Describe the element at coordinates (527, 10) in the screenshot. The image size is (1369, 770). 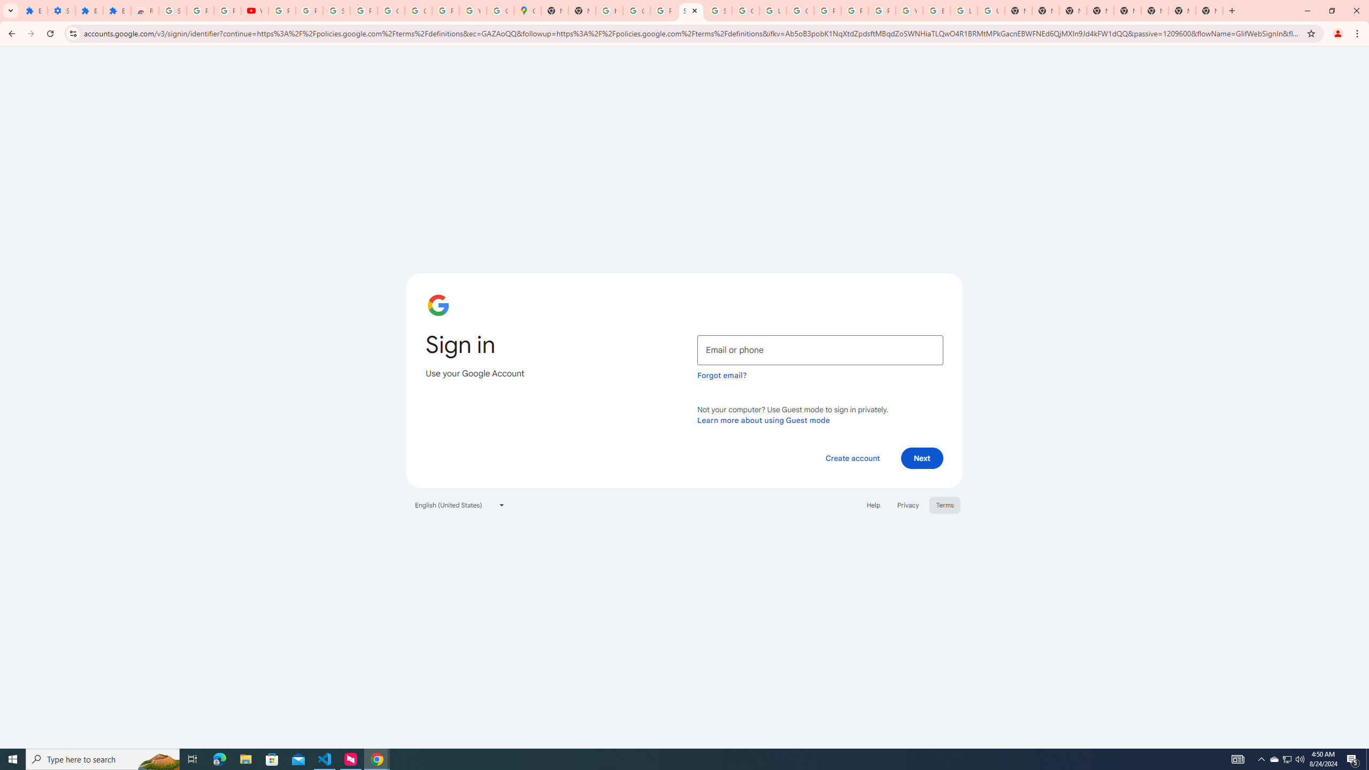
I see `'Google Maps'` at that location.